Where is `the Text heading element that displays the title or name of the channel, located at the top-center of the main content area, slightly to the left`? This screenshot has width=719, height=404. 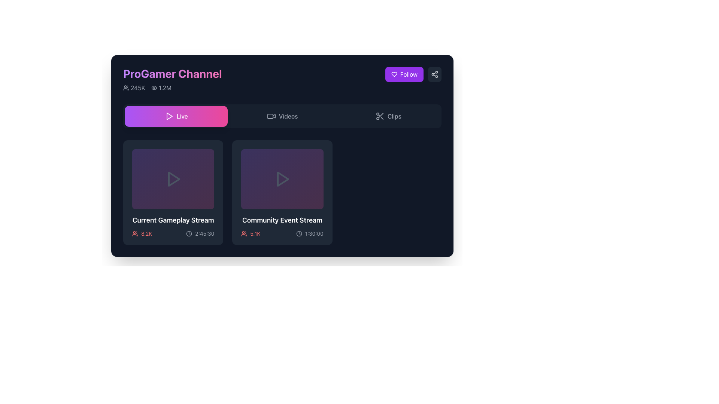 the Text heading element that displays the title or name of the channel, located at the top-center of the main content area, slightly to the left is located at coordinates (172, 79).